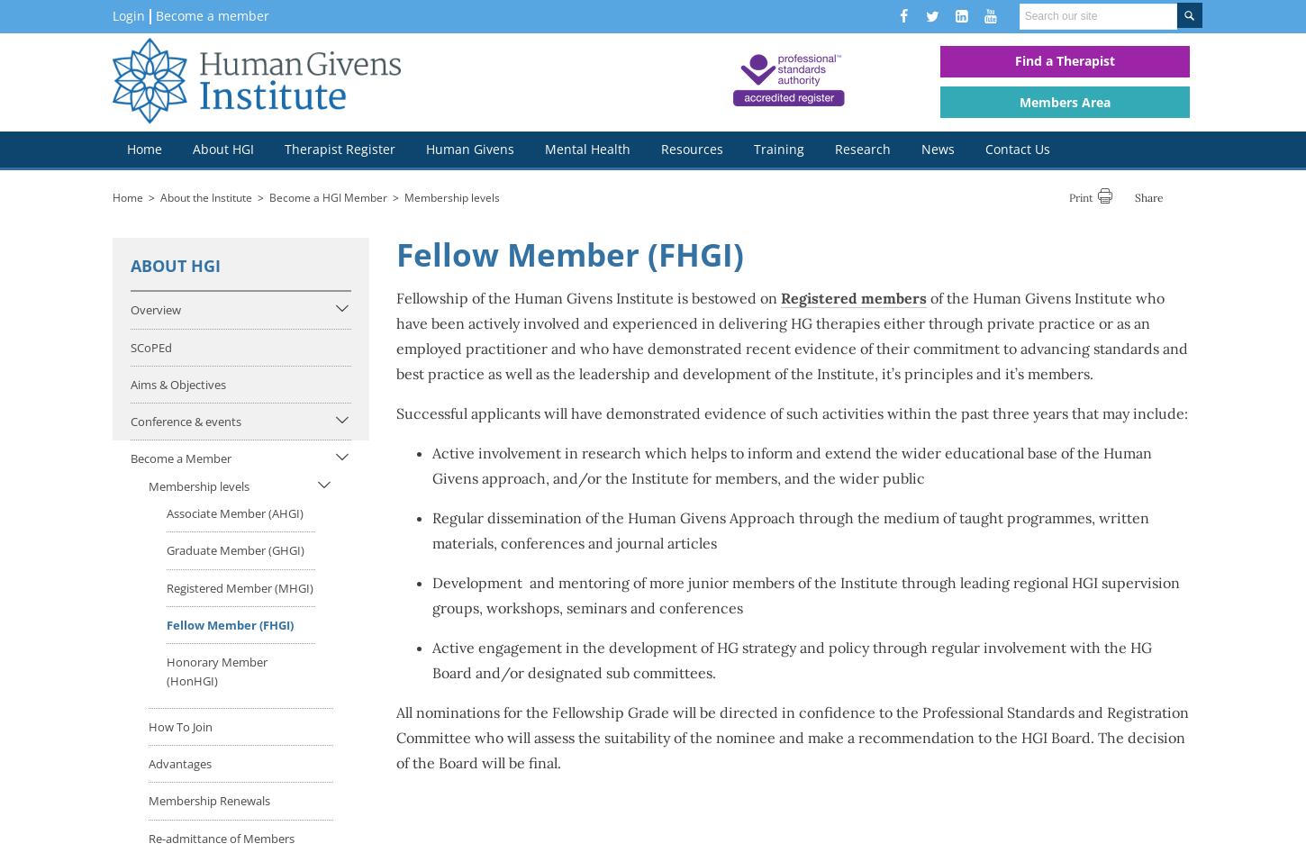  I want to click on 'Registered members', so click(853, 296).